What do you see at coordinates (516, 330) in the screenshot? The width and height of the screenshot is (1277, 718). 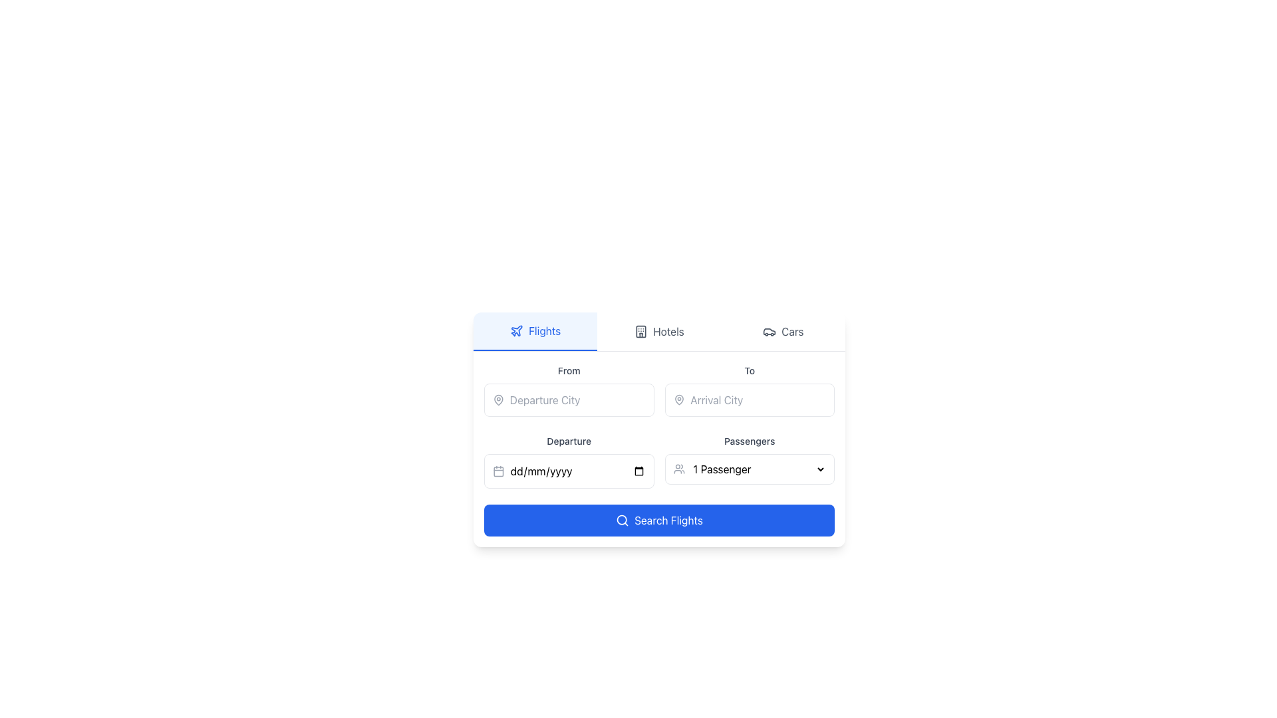 I see `the plane icon with a blue outline located in the 'Flights' tab, positioned to the left of the text label 'Flights'` at bounding box center [516, 330].